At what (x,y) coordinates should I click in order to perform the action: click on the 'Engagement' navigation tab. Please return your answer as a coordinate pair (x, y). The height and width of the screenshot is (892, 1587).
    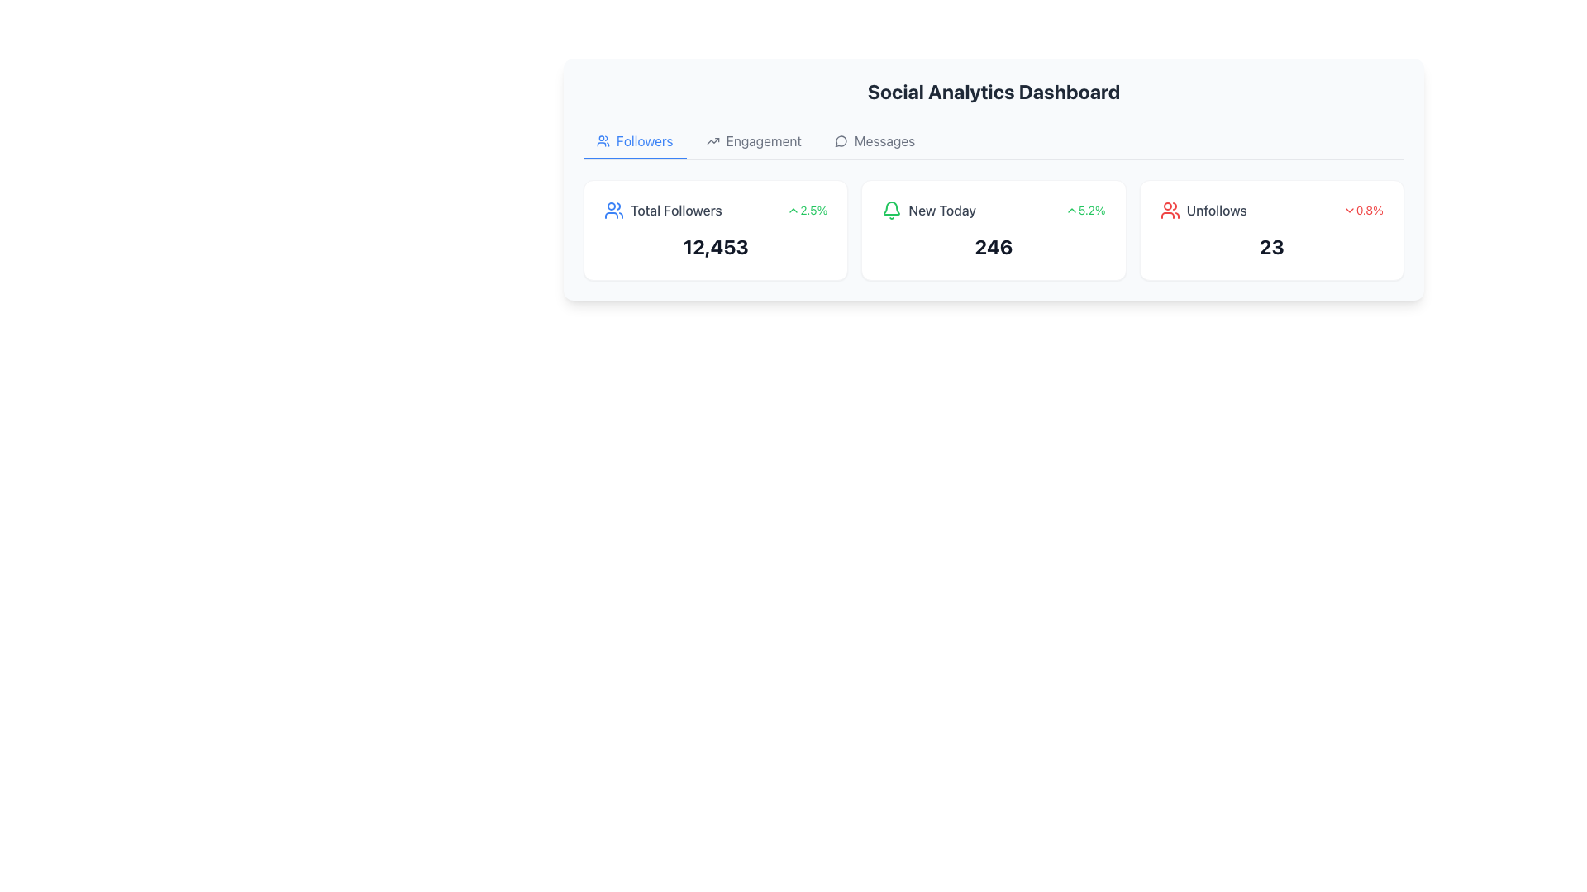
    Looking at the image, I should click on (763, 140).